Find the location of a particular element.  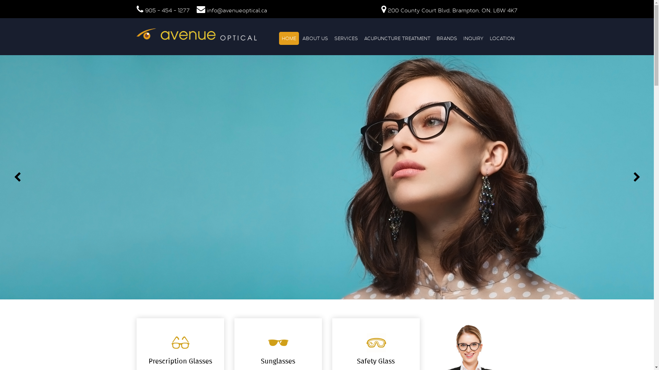

'ABOUT US' is located at coordinates (314, 38).